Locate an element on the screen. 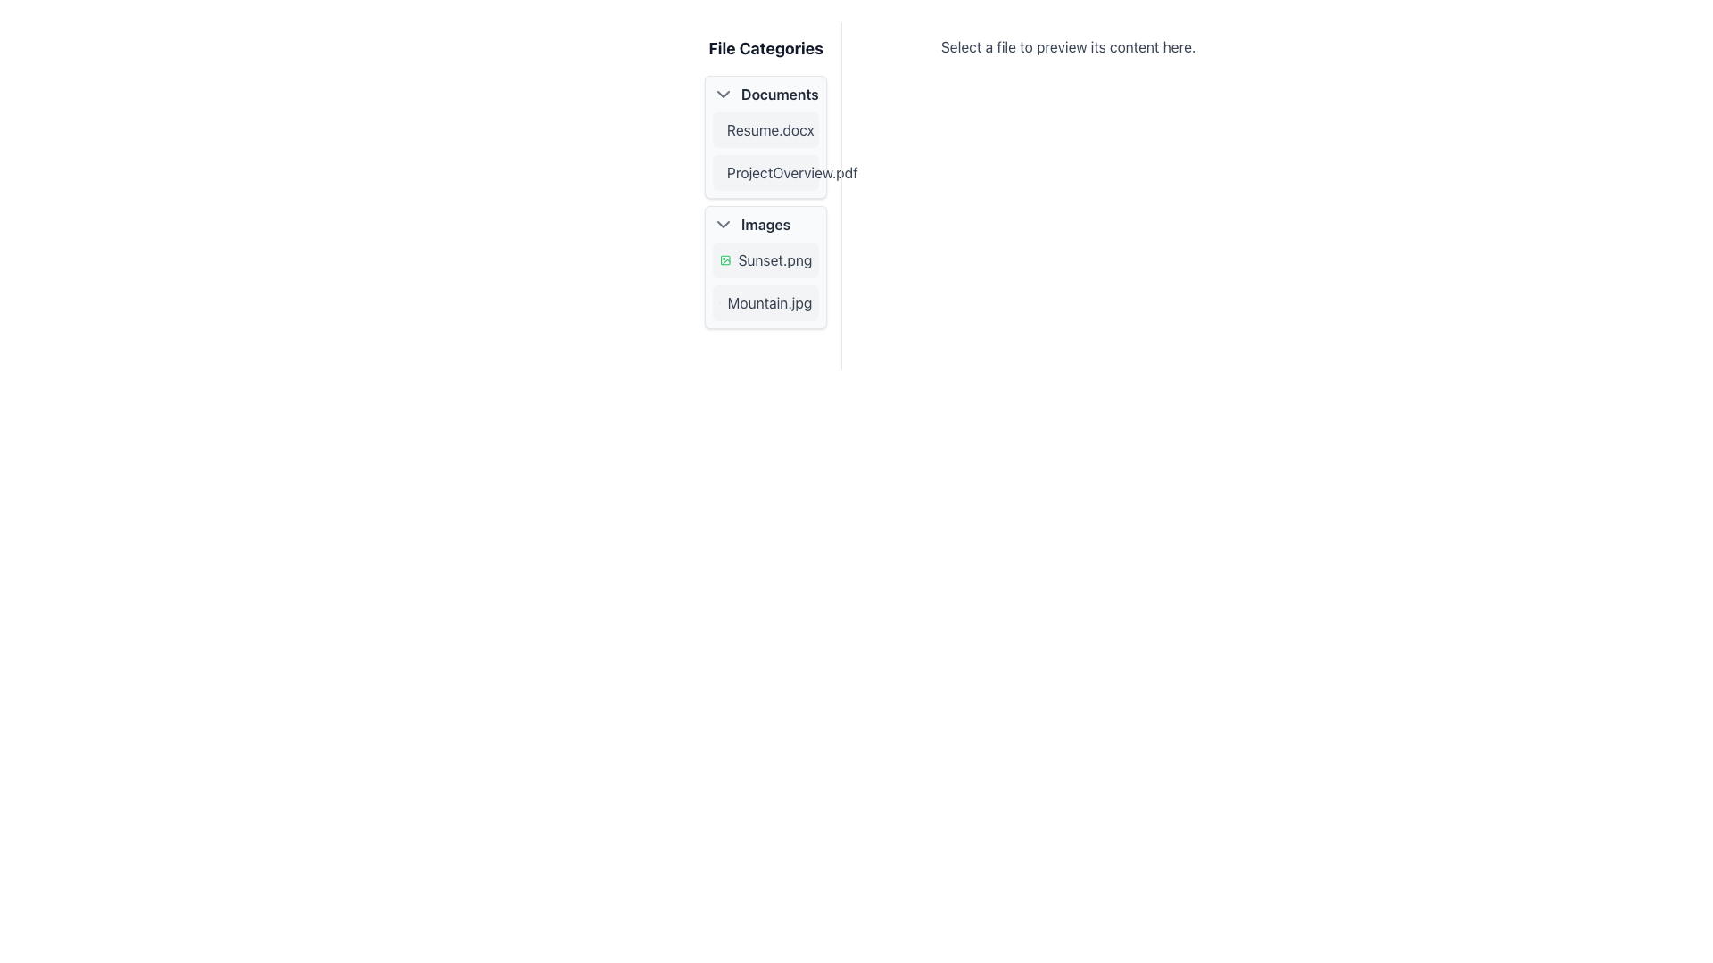  text from the heading Text Label located at the top of the white panel containing file categories is located at coordinates (765, 47).